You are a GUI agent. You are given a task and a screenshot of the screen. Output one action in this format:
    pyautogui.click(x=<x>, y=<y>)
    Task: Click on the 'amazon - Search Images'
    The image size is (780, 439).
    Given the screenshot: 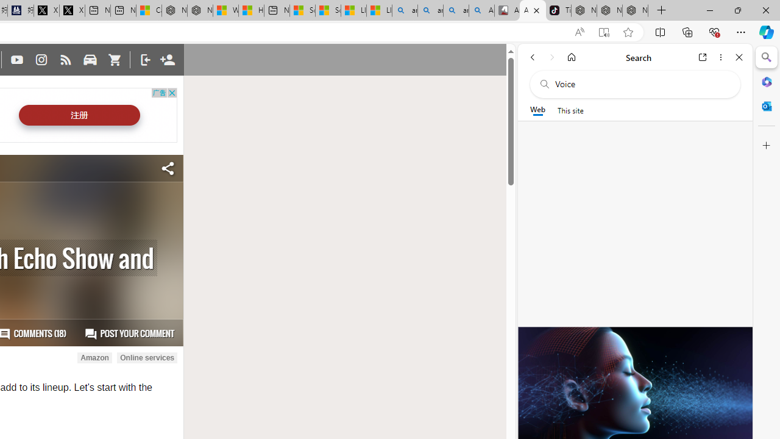 What is the action you would take?
    pyautogui.click(x=455, y=10)
    